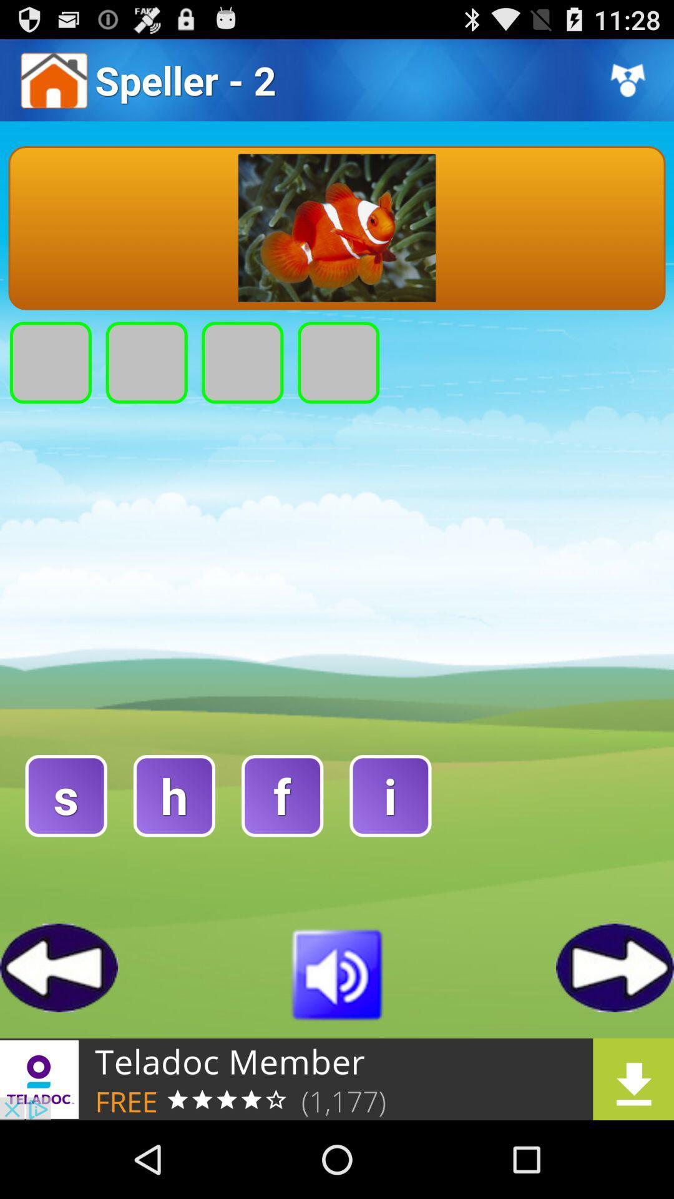  What do you see at coordinates (337, 1078) in the screenshot?
I see `advertising` at bounding box center [337, 1078].